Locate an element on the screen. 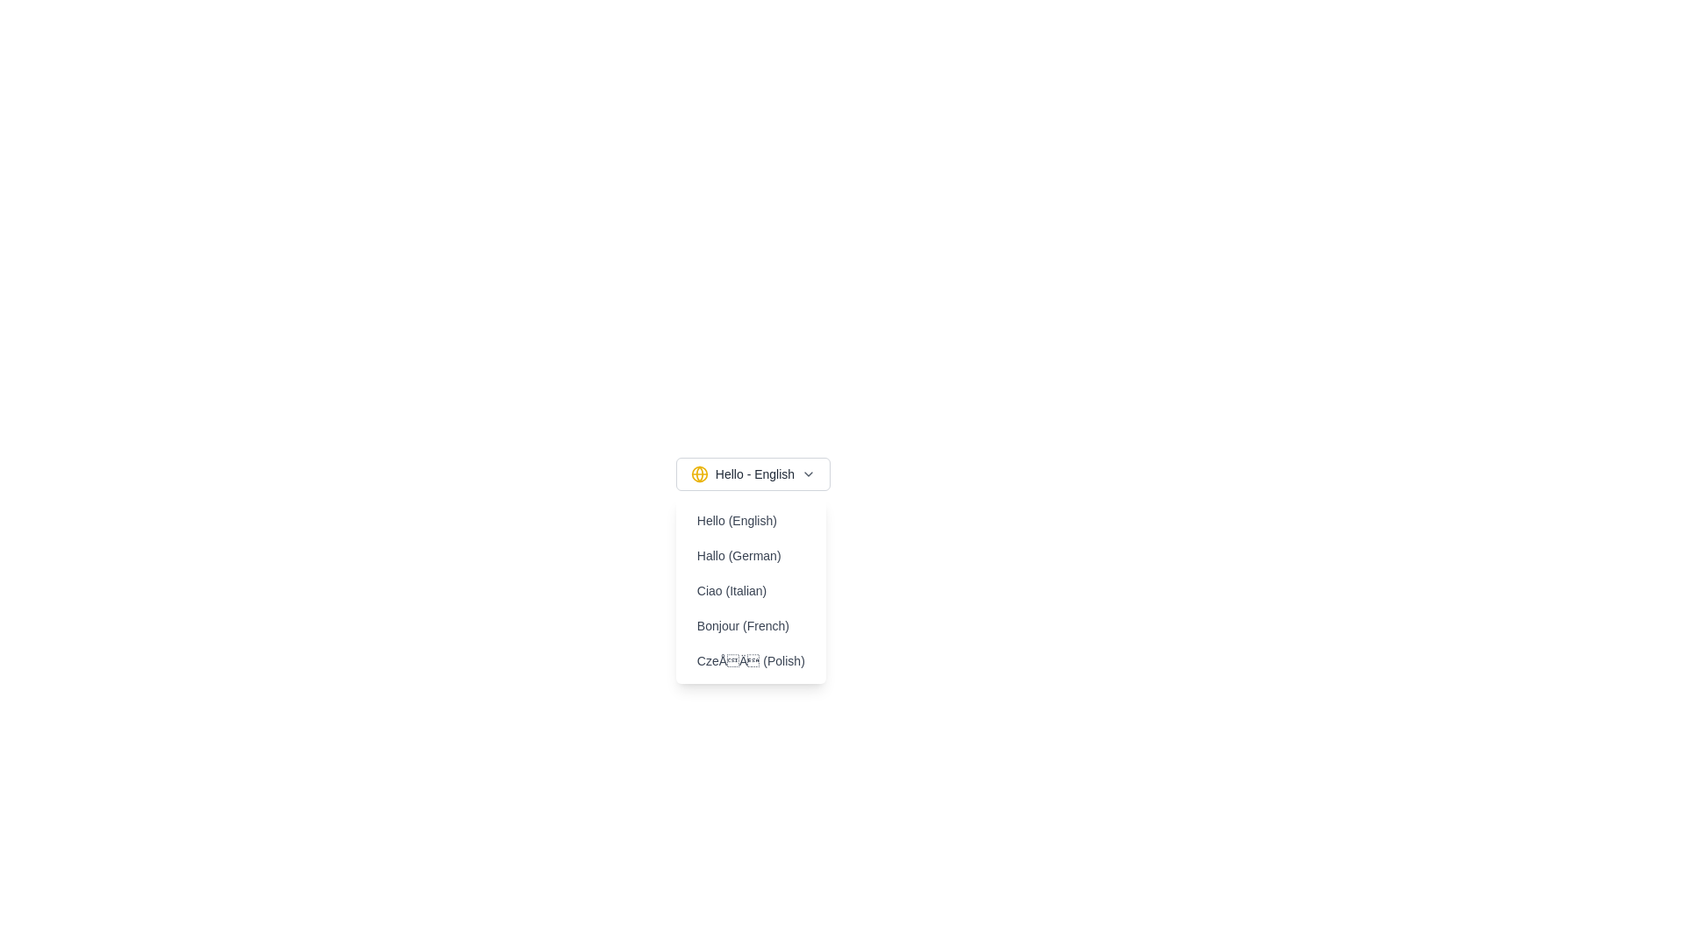  the dropdown menu option labeled 'Bonjour (French)' which is the fourth option in the dropdown under 'Hello - English' is located at coordinates (750, 624).